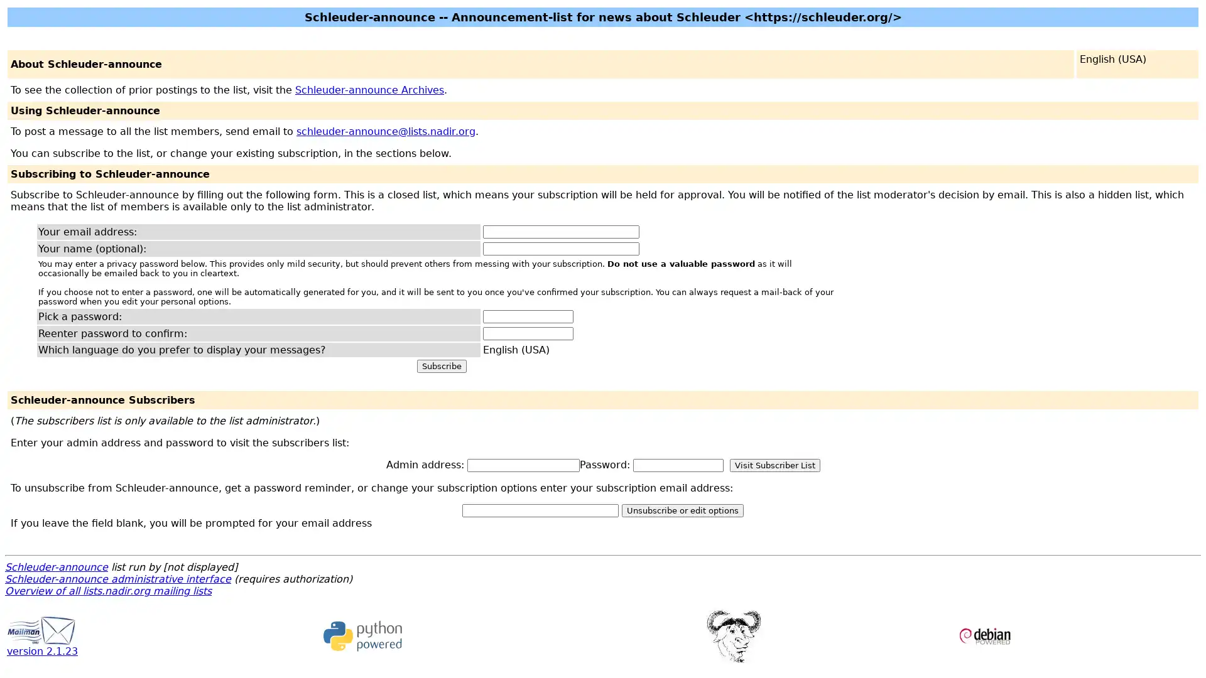  I want to click on Subscribe, so click(441, 366).